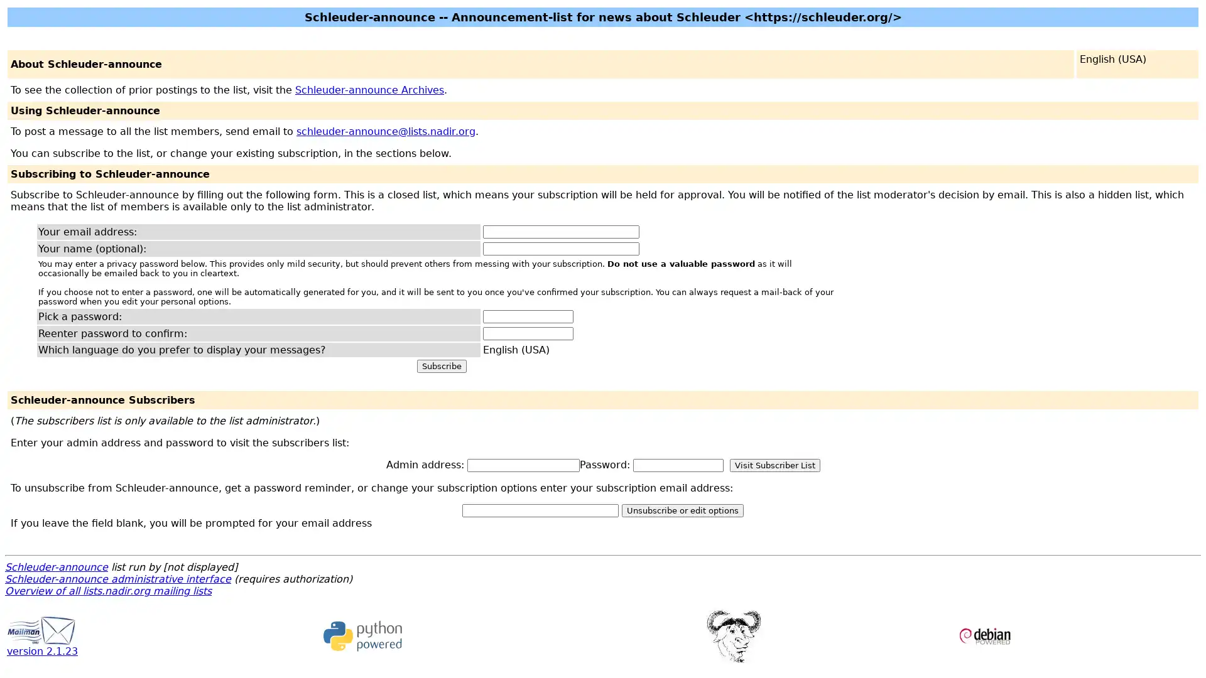  I want to click on Subscribe, so click(441, 366).